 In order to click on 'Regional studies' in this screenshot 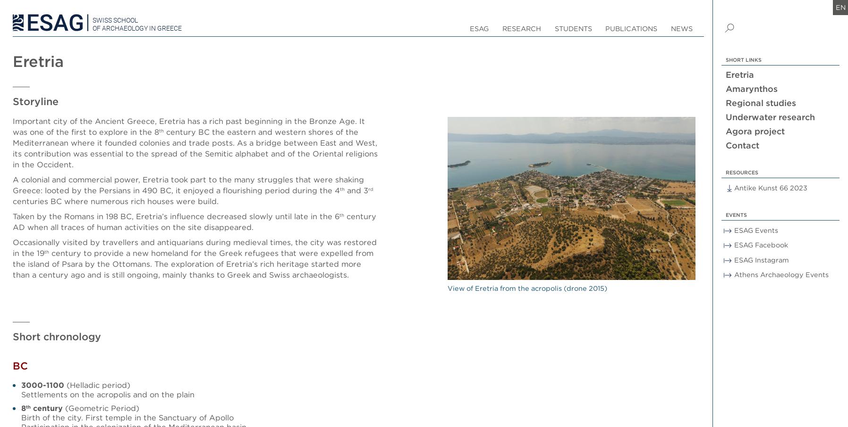, I will do `click(760, 102)`.